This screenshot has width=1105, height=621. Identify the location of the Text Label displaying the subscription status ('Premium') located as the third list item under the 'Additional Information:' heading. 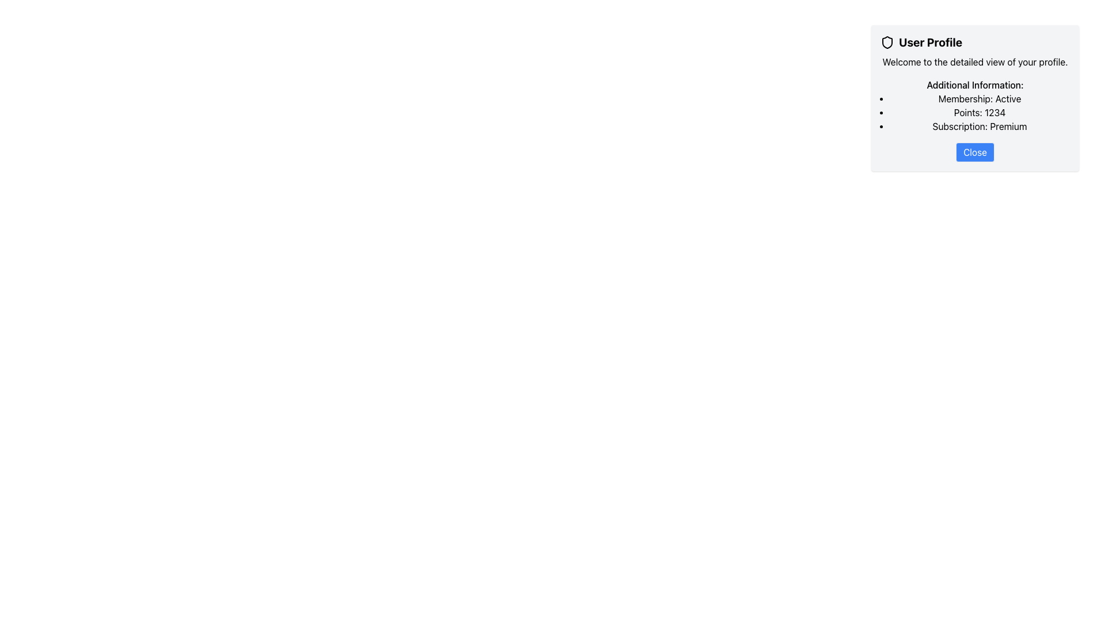
(979, 126).